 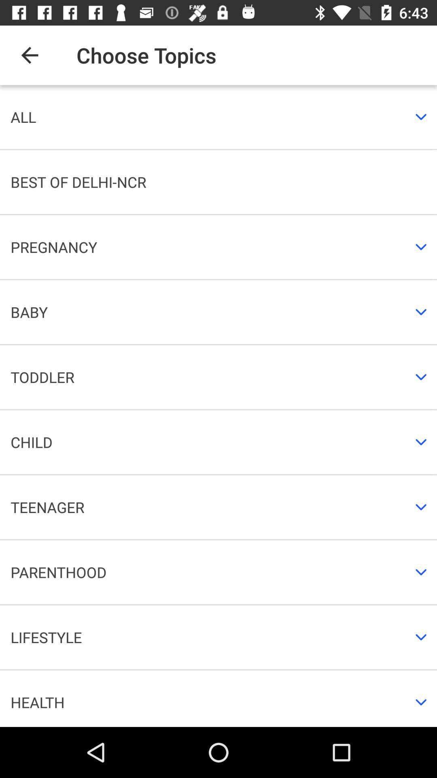 What do you see at coordinates (29, 55) in the screenshot?
I see `the item to the left of the choose topics icon` at bounding box center [29, 55].